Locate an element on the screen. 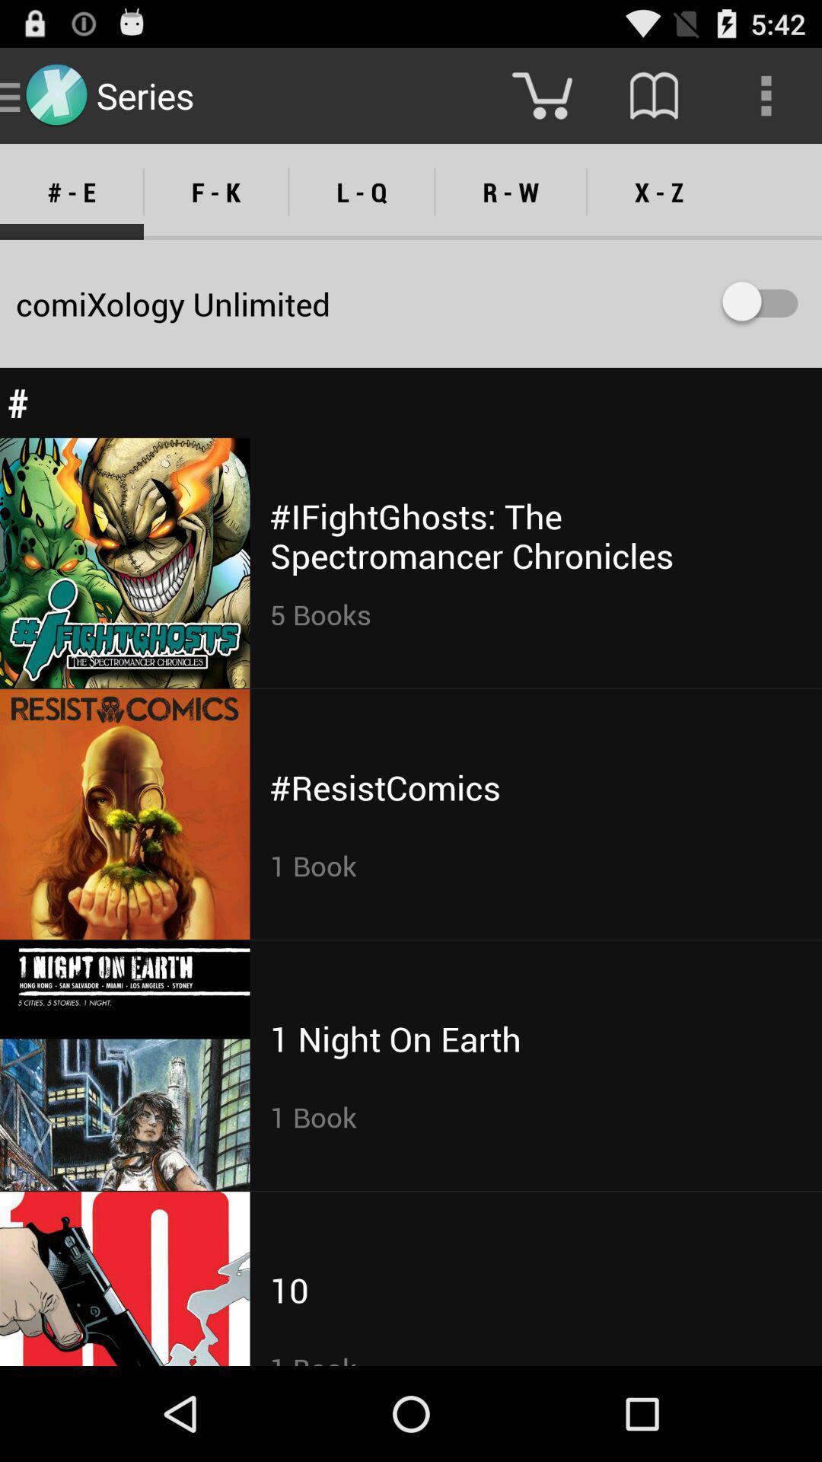 This screenshot has height=1462, width=822. the #resistcomics item is located at coordinates (384, 787).